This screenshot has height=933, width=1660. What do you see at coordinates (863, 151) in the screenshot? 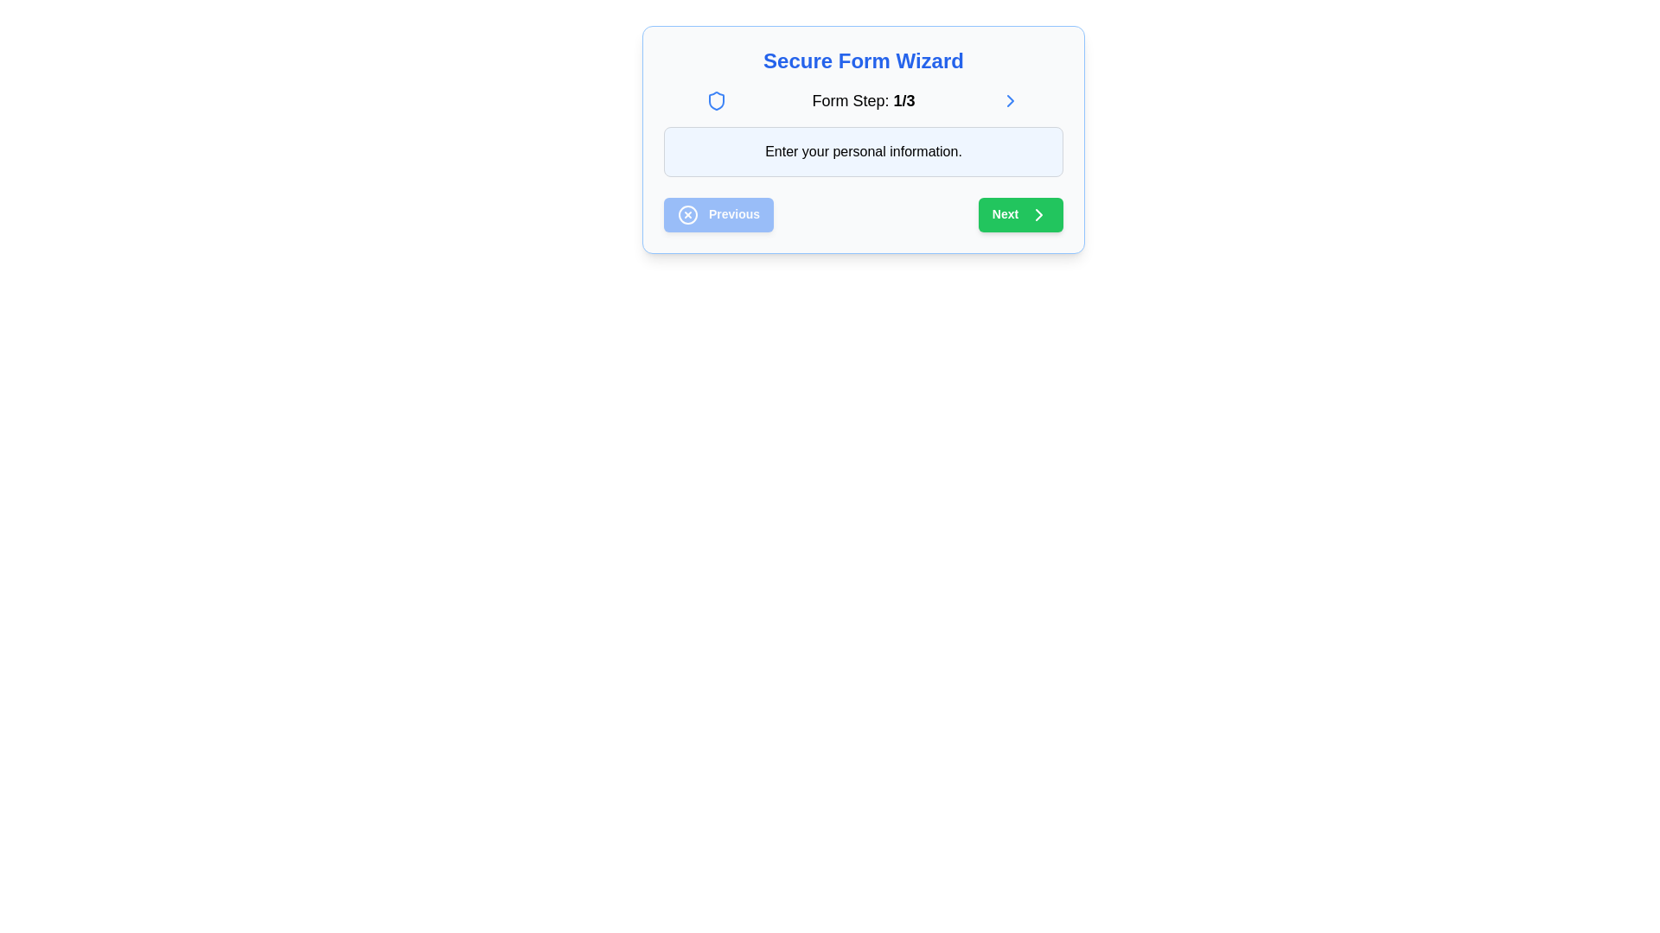
I see `the text label that serves as a header or instruction guiding the user to enter their personal information, located centrally within the form interface below the 'Secure Form Wizard' header` at bounding box center [863, 151].